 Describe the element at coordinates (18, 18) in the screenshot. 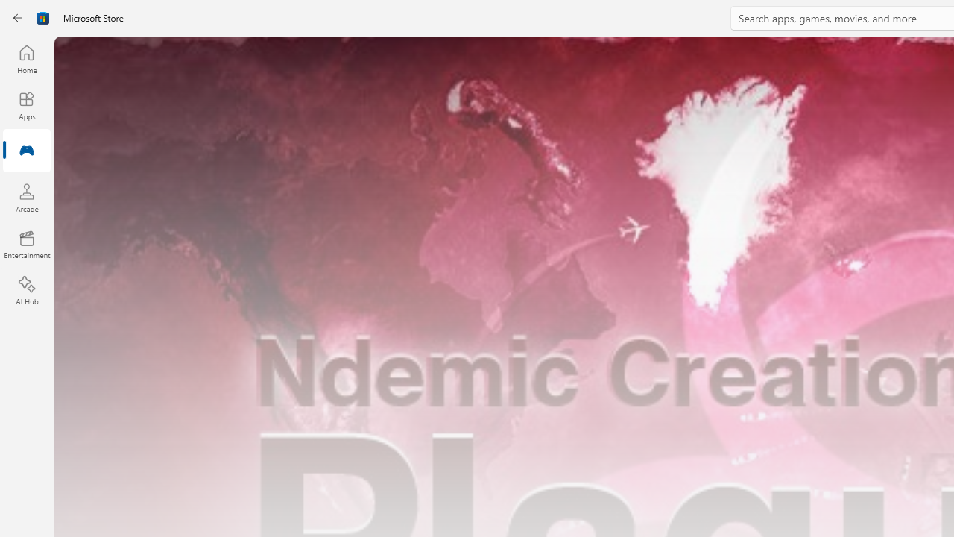

I see `'Back'` at that location.